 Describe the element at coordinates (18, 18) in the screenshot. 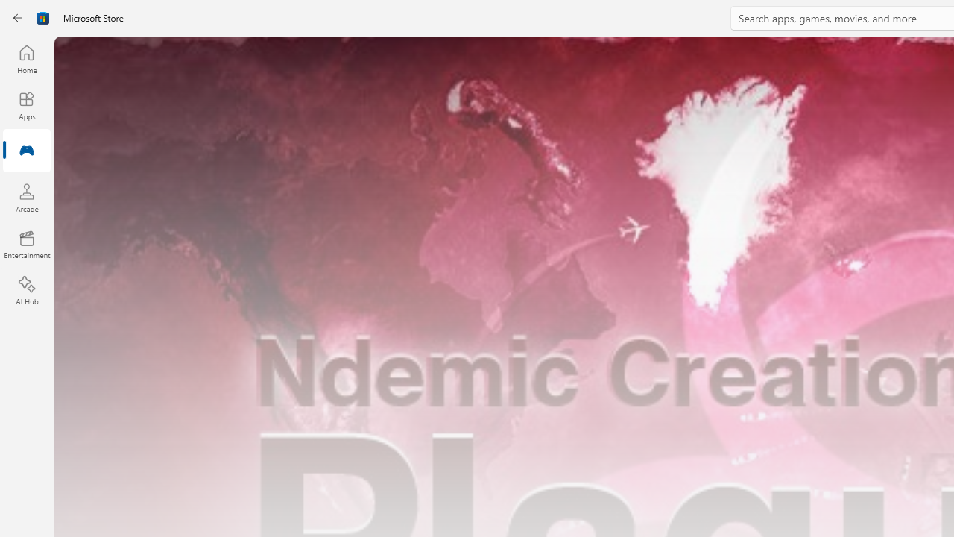

I see `'Back'` at that location.